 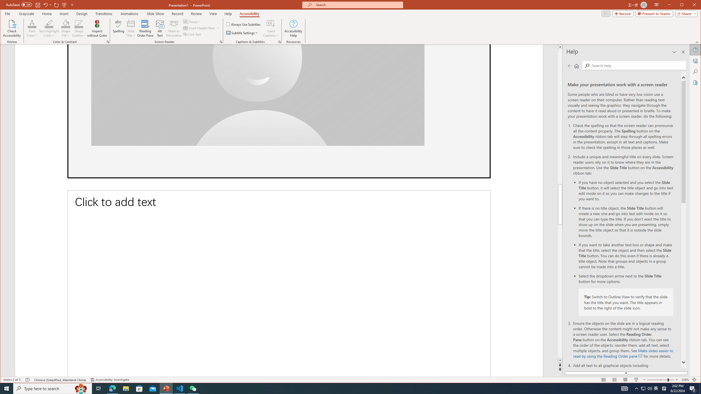 What do you see at coordinates (145, 28) in the screenshot?
I see `'Reading Order Pane'` at bounding box center [145, 28].